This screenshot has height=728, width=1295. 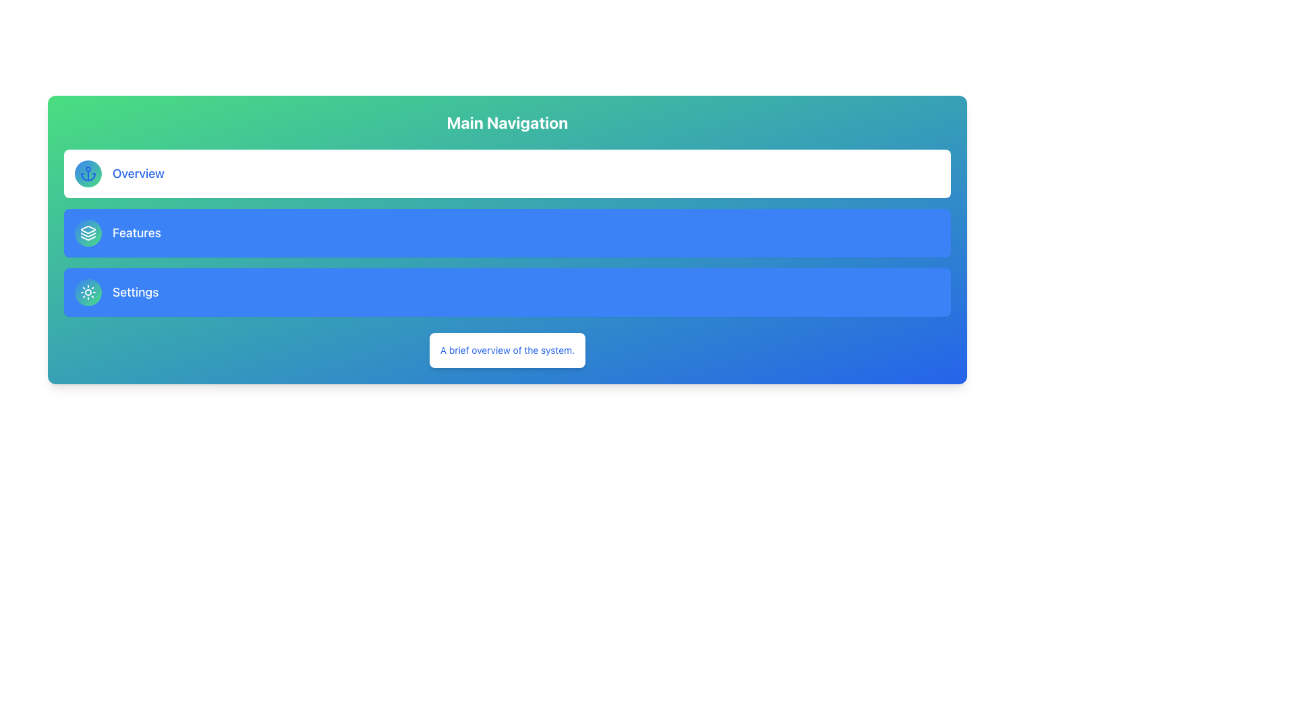 What do you see at coordinates (87, 173) in the screenshot?
I see `the circular icon with a gradient background and anchor graphic in the navigation menu, located to the left of the 'Overview' text` at bounding box center [87, 173].